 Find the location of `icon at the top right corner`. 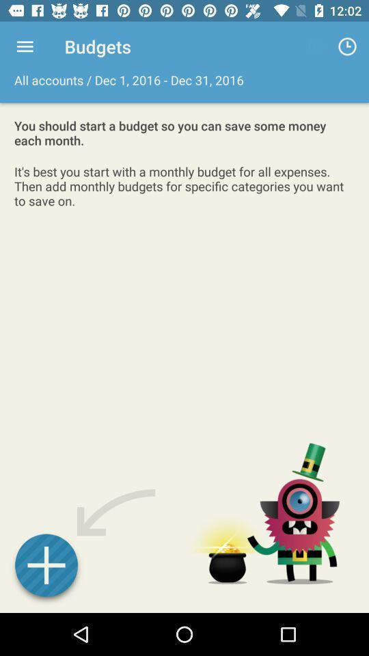

icon at the top right corner is located at coordinates (347, 46).